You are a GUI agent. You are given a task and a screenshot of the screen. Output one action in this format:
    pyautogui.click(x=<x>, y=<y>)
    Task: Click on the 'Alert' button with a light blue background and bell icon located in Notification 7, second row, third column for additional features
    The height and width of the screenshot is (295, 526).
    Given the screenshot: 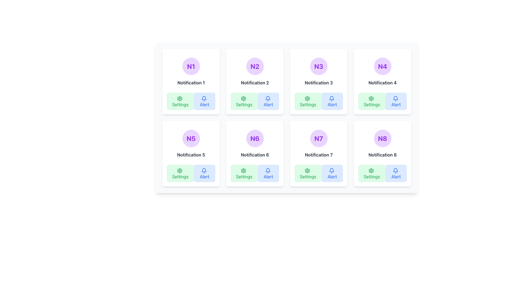 What is the action you would take?
    pyautogui.click(x=332, y=173)
    